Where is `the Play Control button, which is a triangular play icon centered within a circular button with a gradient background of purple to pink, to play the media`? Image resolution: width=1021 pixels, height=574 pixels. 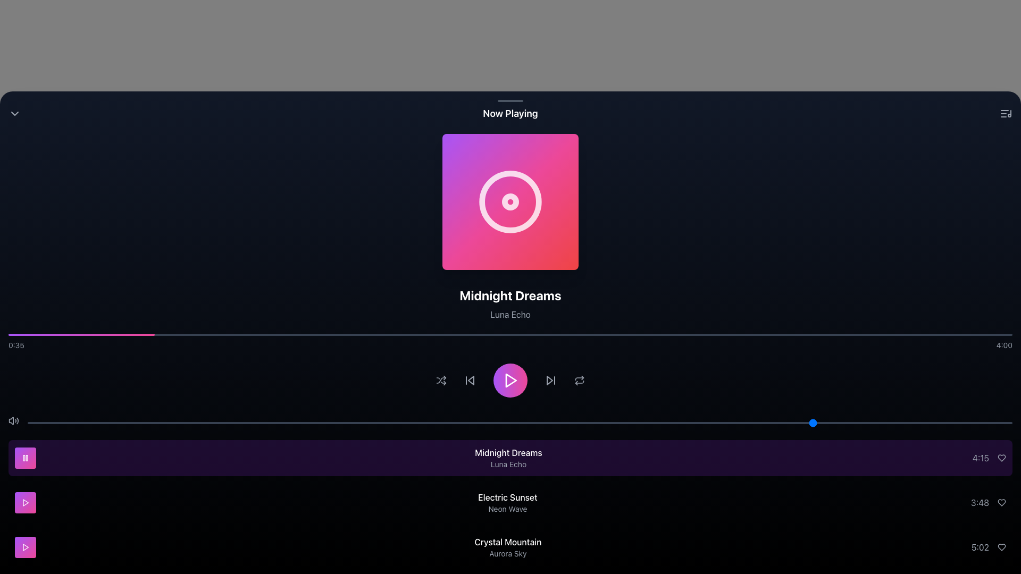 the Play Control button, which is a triangular play icon centered within a circular button with a gradient background of purple to pink, to play the media is located at coordinates (510, 380).